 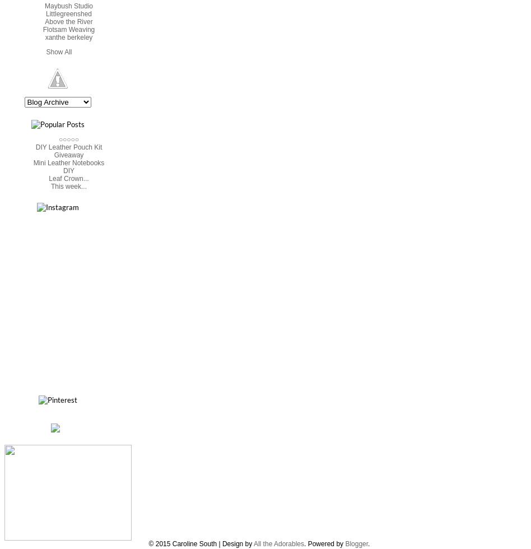 I want to click on '.', so click(x=368, y=543).